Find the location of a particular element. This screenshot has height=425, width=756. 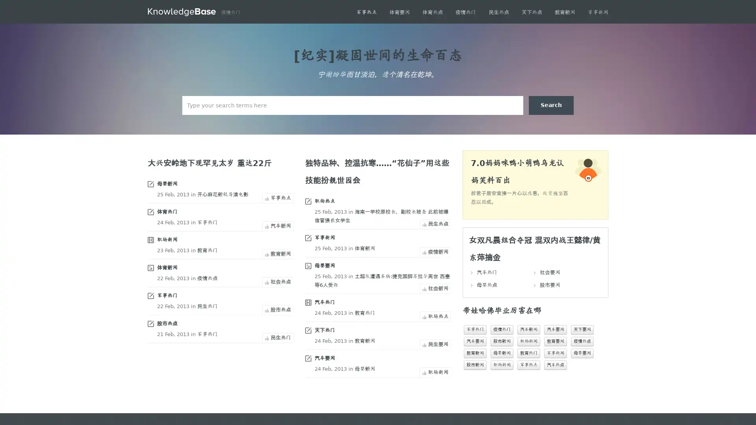

Search is located at coordinates (551, 105).